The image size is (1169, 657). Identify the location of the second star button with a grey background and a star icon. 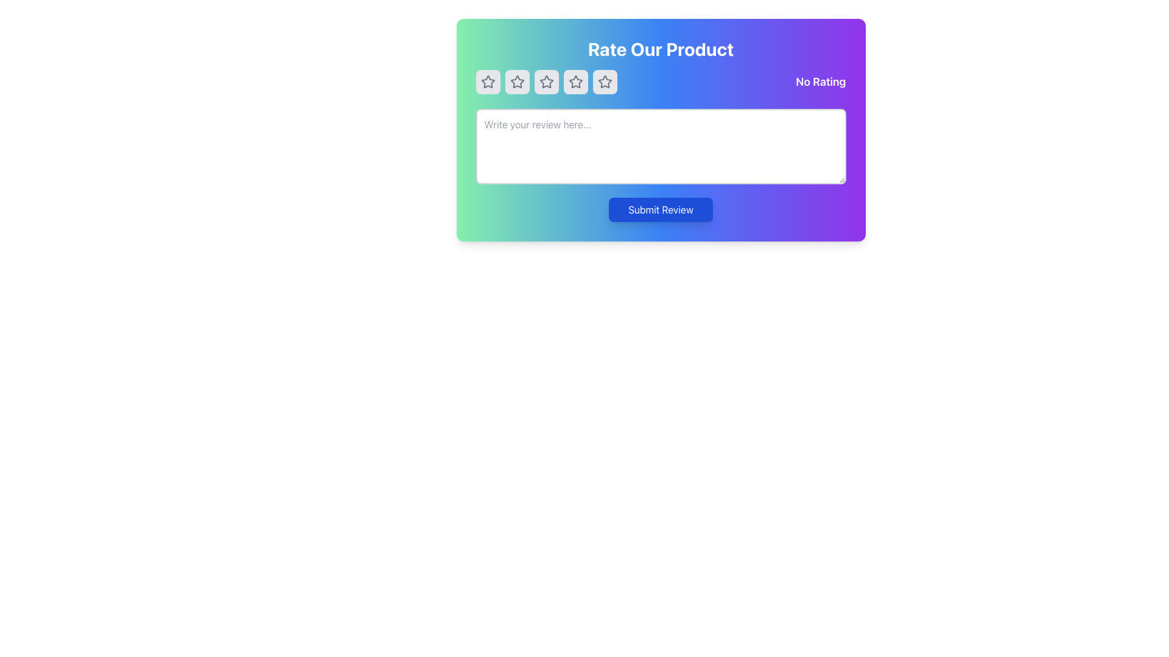
(517, 82).